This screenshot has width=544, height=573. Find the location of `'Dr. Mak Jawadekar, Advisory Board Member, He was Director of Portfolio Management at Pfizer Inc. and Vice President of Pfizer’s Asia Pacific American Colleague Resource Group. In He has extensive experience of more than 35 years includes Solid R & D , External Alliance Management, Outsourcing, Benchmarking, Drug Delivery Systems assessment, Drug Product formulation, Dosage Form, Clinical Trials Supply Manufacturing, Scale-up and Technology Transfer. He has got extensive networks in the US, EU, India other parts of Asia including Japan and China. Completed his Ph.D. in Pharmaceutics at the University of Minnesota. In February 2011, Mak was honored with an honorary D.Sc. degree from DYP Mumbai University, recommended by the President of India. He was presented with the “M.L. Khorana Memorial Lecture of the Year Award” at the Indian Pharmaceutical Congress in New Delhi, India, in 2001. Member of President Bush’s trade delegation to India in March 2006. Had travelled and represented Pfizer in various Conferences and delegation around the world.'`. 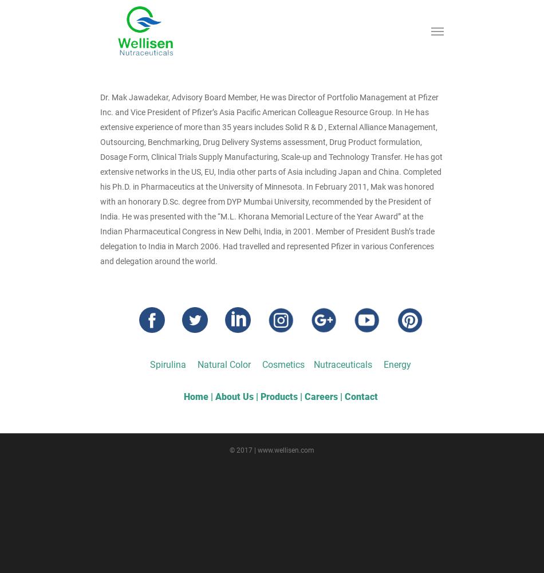

'Dr. Mak Jawadekar, Advisory Board Member, He was Director of Portfolio Management at Pfizer Inc. and Vice President of Pfizer’s Asia Pacific American Colleague Resource Group. In He has extensive experience of more than 35 years includes Solid R & D , External Alliance Management, Outsourcing, Benchmarking, Drug Delivery Systems assessment, Drug Product formulation, Dosage Form, Clinical Trials Supply Manufacturing, Scale-up and Technology Transfer. He has got extensive networks in the US, EU, India other parts of Asia including Japan and China. Completed his Ph.D. in Pharmaceutics at the University of Minnesota. In February 2011, Mak was honored with an honorary D.Sc. degree from DYP Mumbai University, recommended by the President of India. He was presented with the “M.L. Khorana Memorial Lecture of the Year Award” at the Indian Pharmaceutical Congress in New Delhi, India, in 2001. Member of President Bush’s trade delegation to India in March 2006. Had travelled and represented Pfizer in various Conferences and delegation around the world.' is located at coordinates (270, 179).